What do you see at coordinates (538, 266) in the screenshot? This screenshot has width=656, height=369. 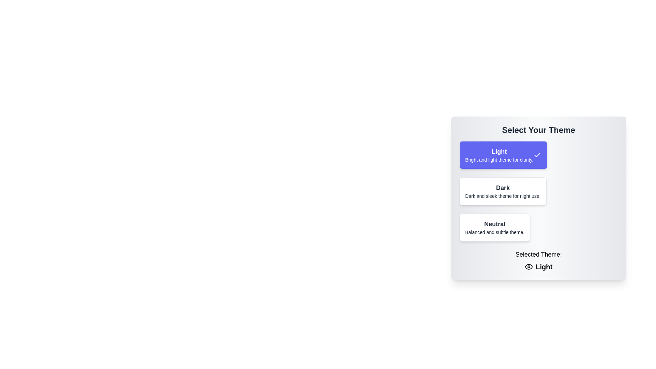 I see `the bold 'Light' text label with an eye icon, located below 'Selected Theme:'` at bounding box center [538, 266].